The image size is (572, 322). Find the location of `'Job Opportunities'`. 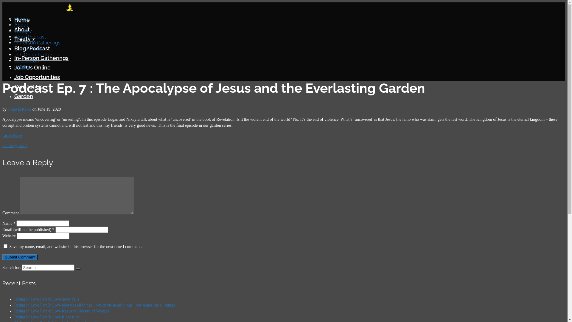

'Job Opportunities' is located at coordinates (34, 55).